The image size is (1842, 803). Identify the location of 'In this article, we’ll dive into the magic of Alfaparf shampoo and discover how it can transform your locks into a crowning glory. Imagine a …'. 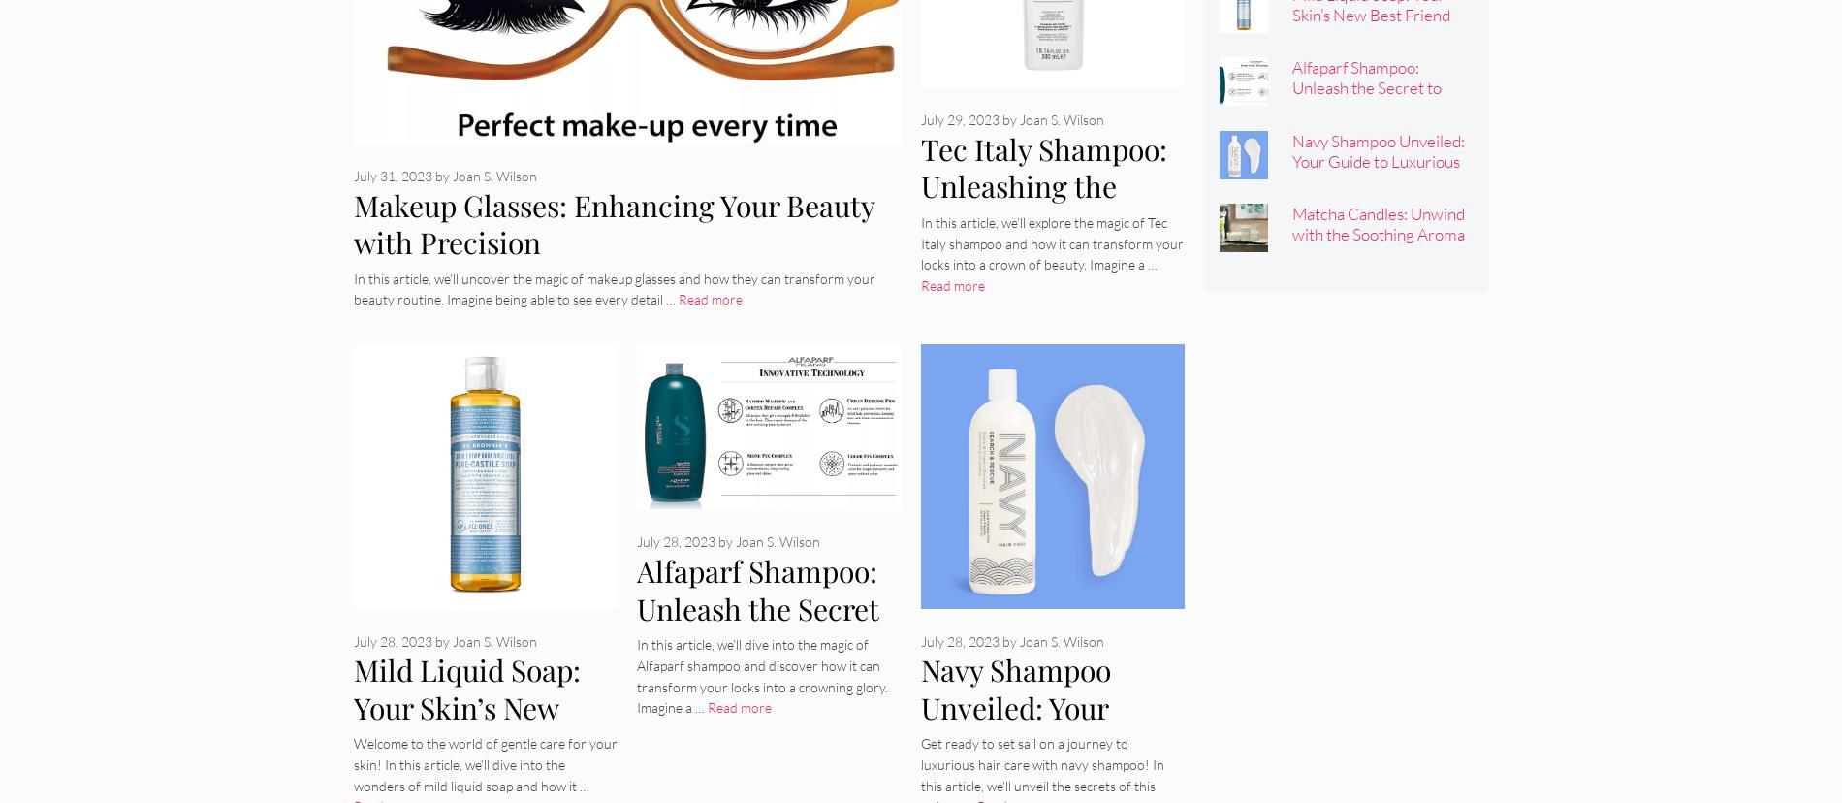
(761, 676).